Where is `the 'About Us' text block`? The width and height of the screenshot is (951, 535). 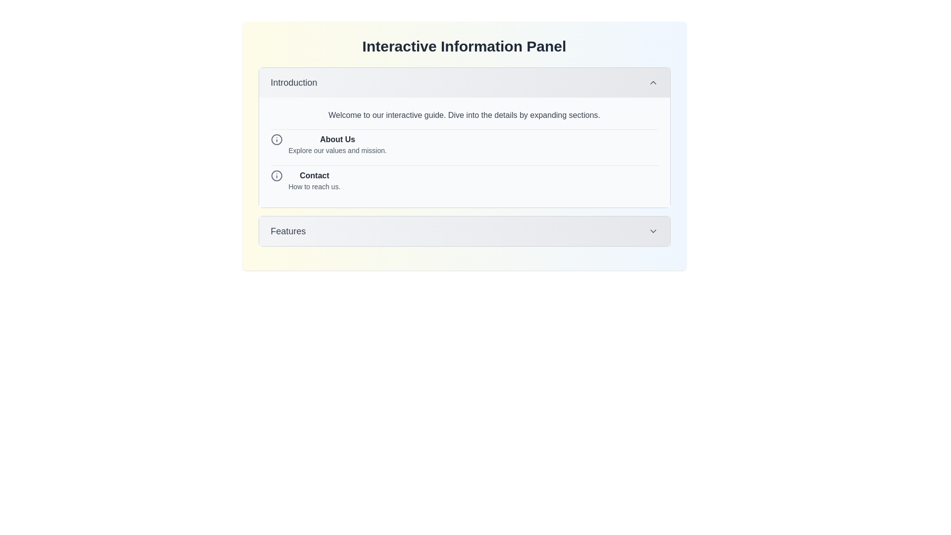
the 'About Us' text block is located at coordinates (337, 145).